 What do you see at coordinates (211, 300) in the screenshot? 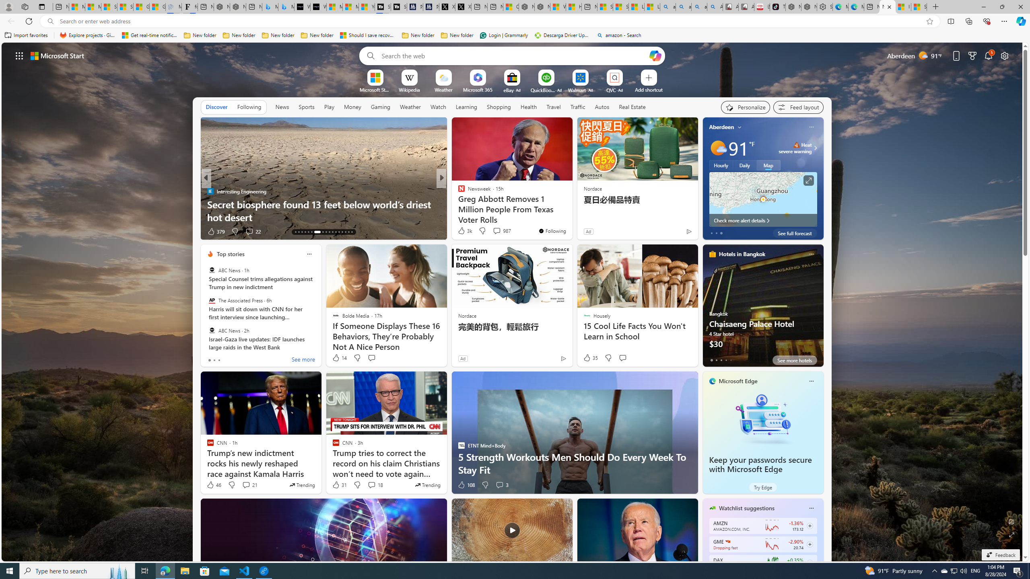
I see `'The Associated Press'` at bounding box center [211, 300].